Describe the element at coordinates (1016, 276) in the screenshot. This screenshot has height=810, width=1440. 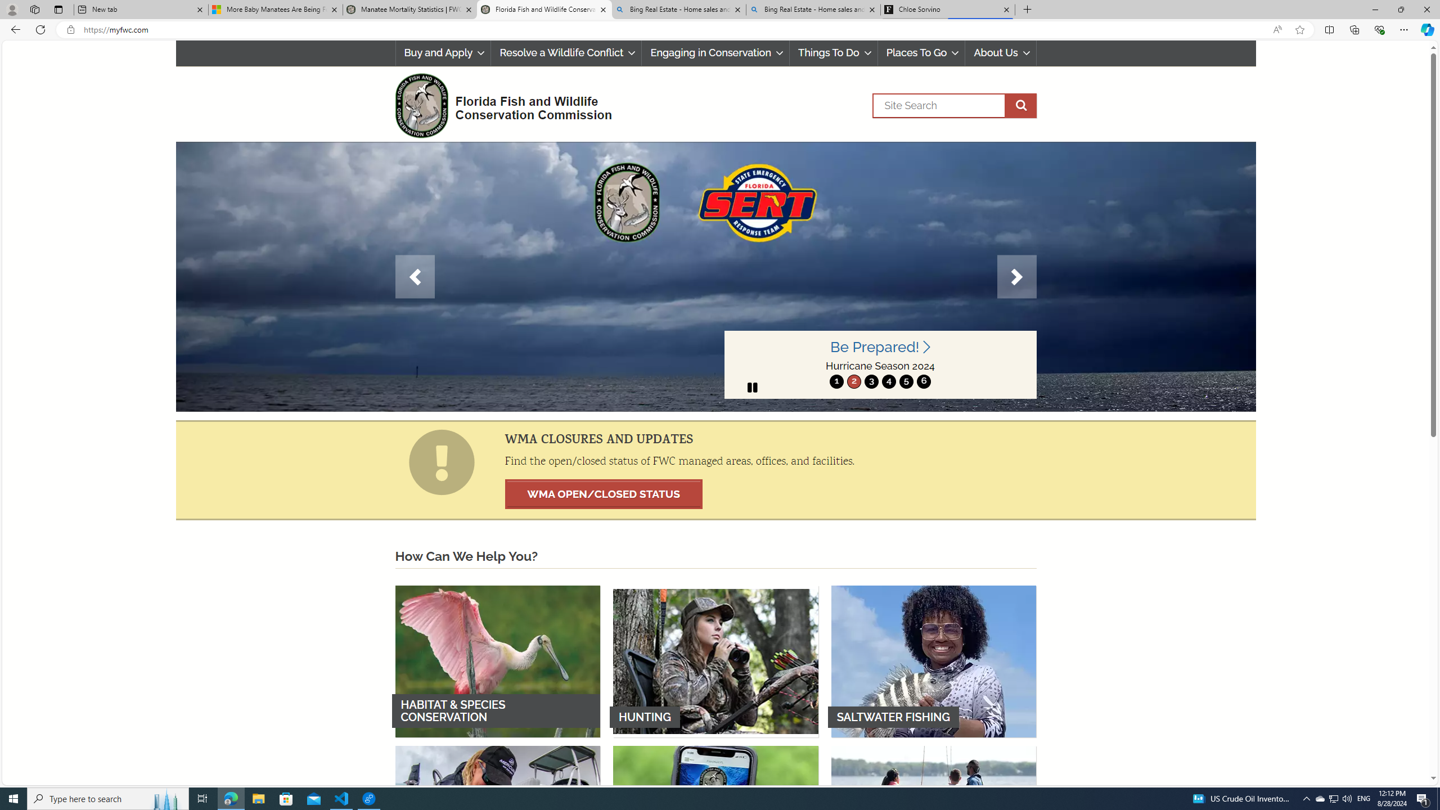
I see `'Next'` at that location.